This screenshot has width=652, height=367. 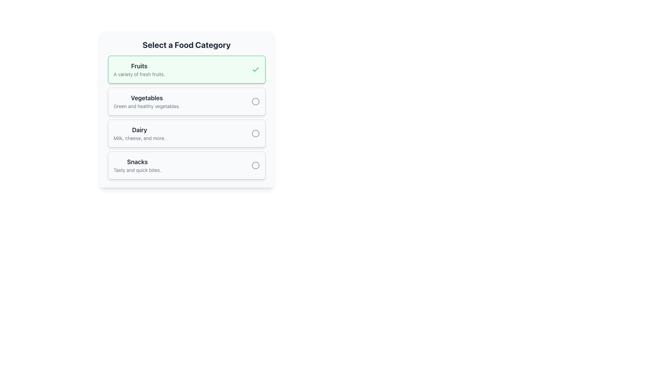 I want to click on the circular outline graphic located in the 'Snacks' row of the food categories list, which is centered at the right end of the row, so click(x=255, y=165).